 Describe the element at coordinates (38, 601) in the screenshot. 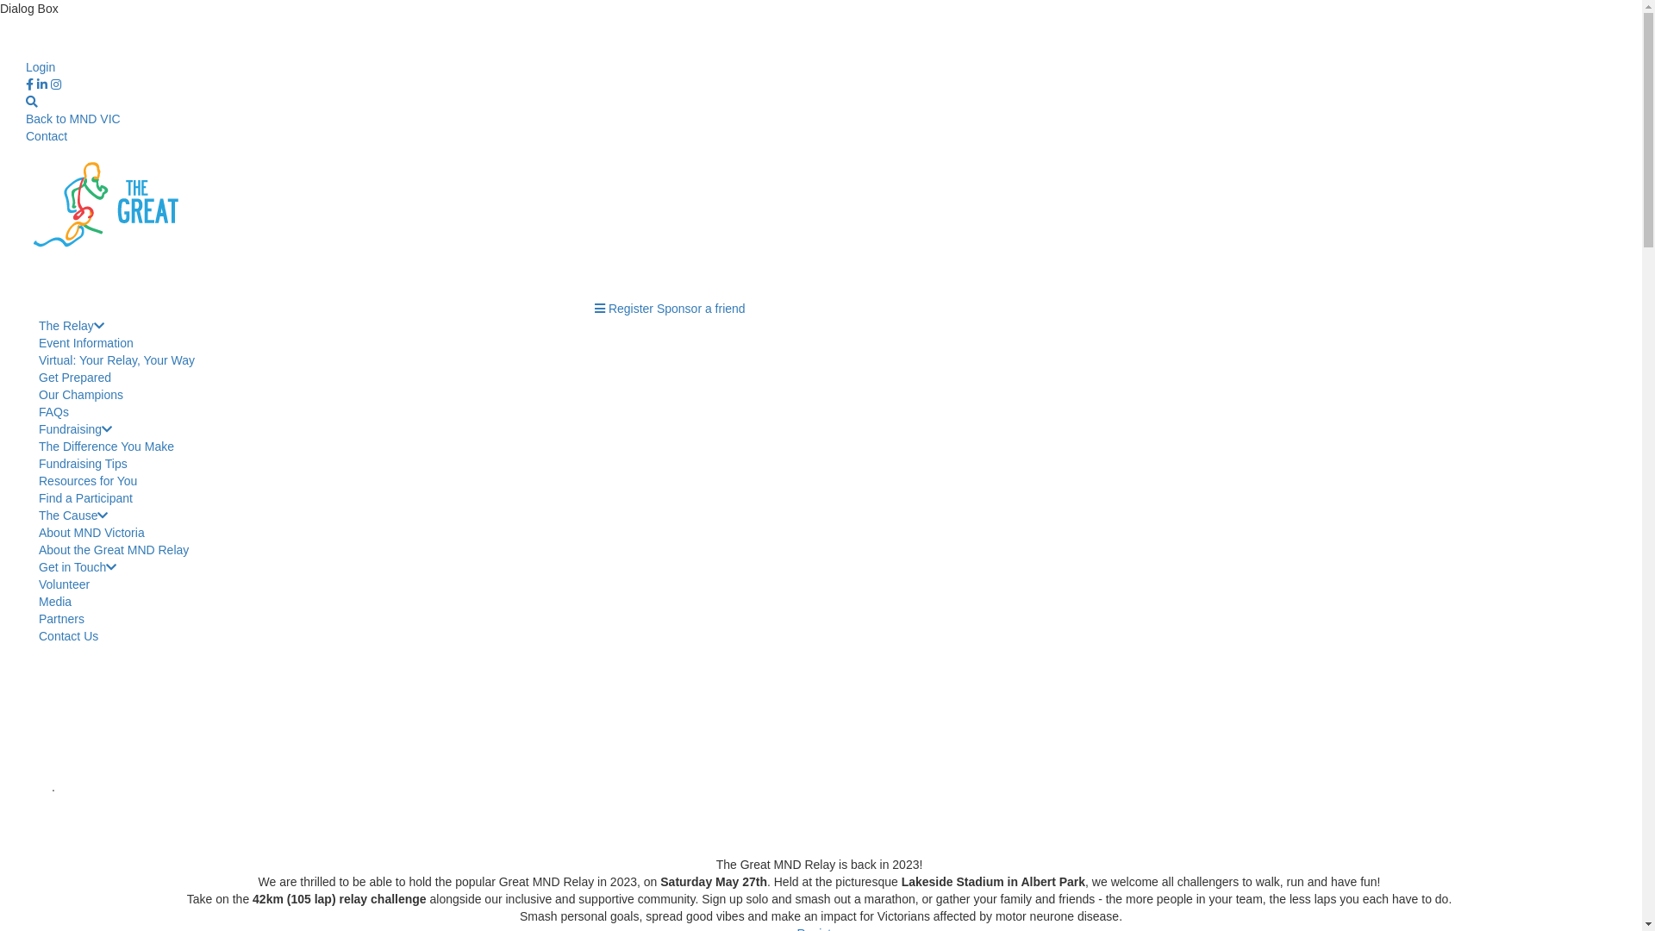

I see `'Media'` at that location.